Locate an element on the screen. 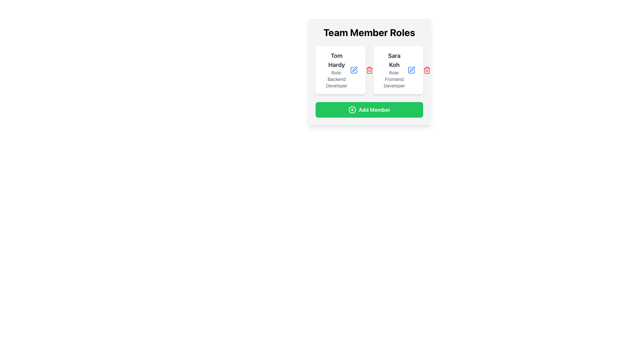 The height and width of the screenshot is (351, 624). the delete button located at the far right of the card labeled 'Sara Koh Role: Frontend Developer' to change its background color is located at coordinates (427, 70).